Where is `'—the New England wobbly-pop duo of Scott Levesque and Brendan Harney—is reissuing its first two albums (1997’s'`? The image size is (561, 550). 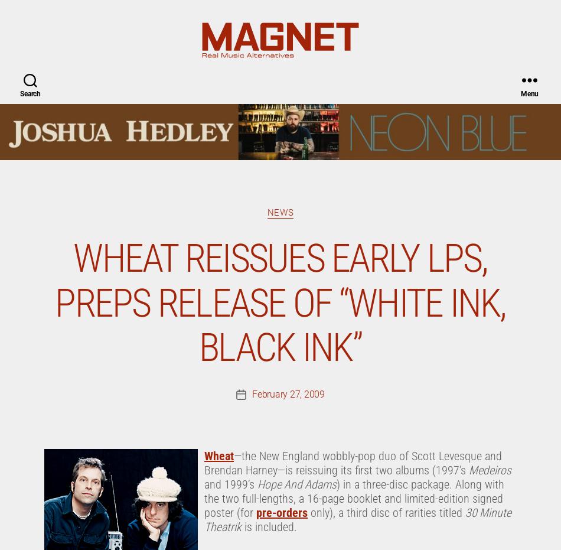 '—the New England wobbly-pop duo of Scott Levesque and Brendan Harney—is reissuing its first two albums (1997’s' is located at coordinates (353, 16).